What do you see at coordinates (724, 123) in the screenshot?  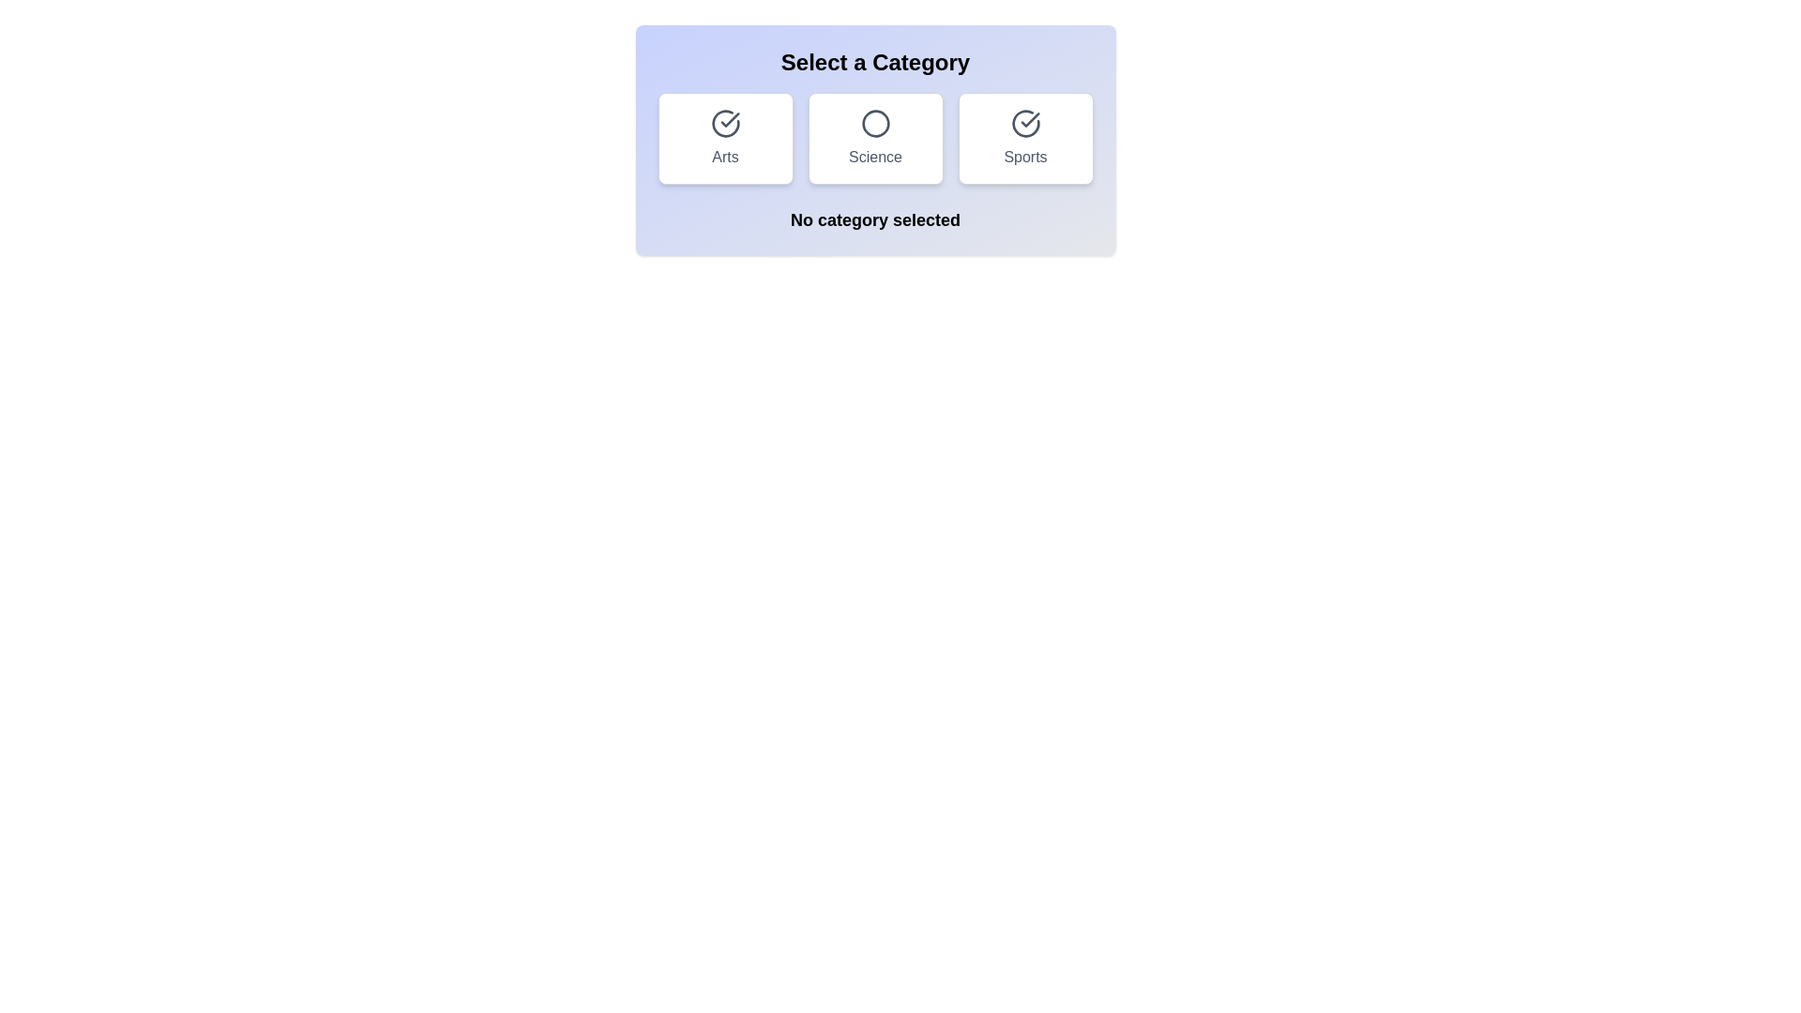 I see `the circular icon with a checkmark inside, styled with a white background and border, located in the top-left quadrant of the 'Arts' card` at bounding box center [724, 123].